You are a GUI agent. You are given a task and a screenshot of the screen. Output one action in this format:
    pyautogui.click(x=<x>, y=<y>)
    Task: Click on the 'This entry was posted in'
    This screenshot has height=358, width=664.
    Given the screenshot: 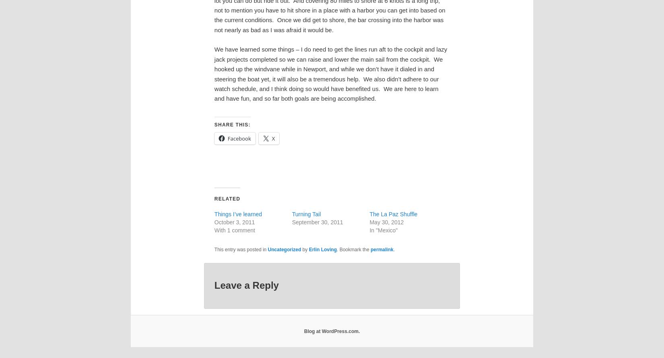 What is the action you would take?
    pyautogui.click(x=213, y=249)
    